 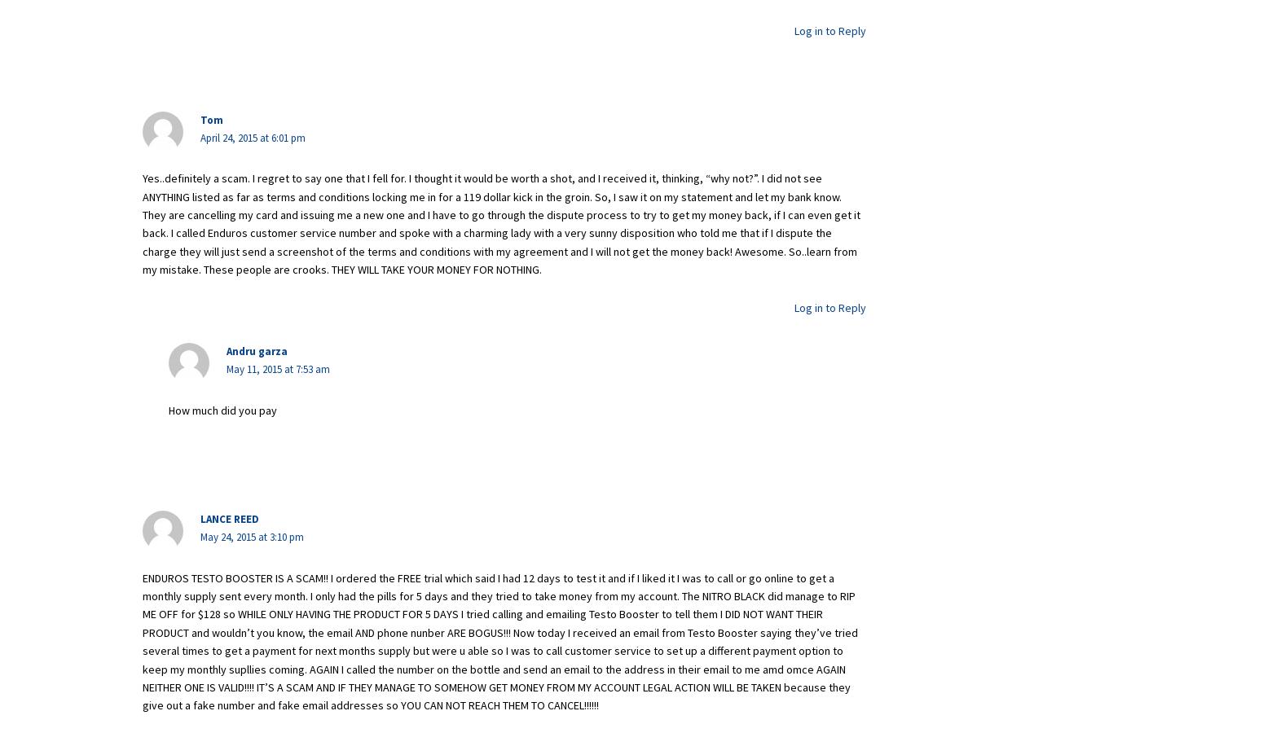 I want to click on 'Yes..definitely a scam. I regret to say one that I fell for. I thought it would be worth a shot, and I received it, thinking, “why not?”. I did not see ANYTHING listed as far as terms and conditions locking me in for a 119 dollar kick in the groin. So, I saw it on my statement and let my bank know. They are cancelling my card and issuing me a new one and I have to go through the dispute process to try to get my money back, if I can even get it back. I called Enduros customer service number and spoke with a charming lady with a very sunny disposition who told me that if I dispute the charge they will just send a screenshot of the terms and conditions with my agreement and I will not get the money back! Awesome. So..learn from my mistake. These people are crooks. THEY WILL TAKE YOUR MONEY FOR NOTHING.', so click(x=501, y=223).